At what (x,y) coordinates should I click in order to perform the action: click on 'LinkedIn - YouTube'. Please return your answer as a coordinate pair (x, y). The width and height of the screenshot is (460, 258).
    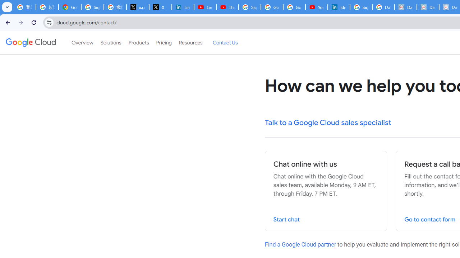
    Looking at the image, I should click on (204, 7).